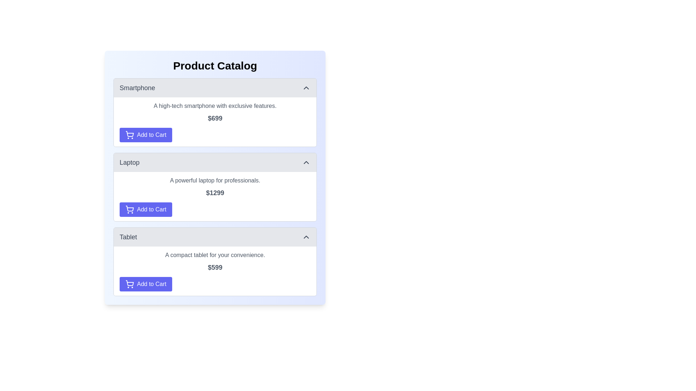 This screenshot has width=696, height=391. I want to click on the 'Tablet' section label in the product catalog interface, located to the left of the arrow icon indicating a collapsible section, so click(128, 237).